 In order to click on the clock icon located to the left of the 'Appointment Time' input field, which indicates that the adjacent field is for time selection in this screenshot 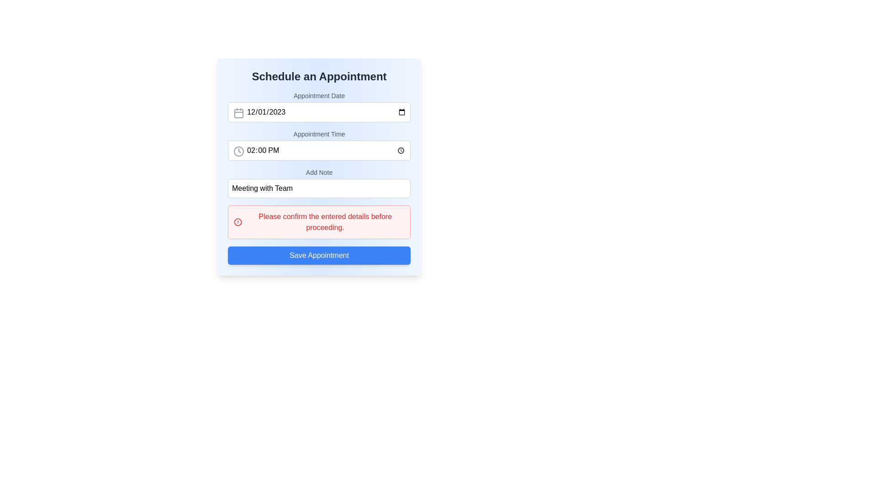, I will do `click(239, 151)`.